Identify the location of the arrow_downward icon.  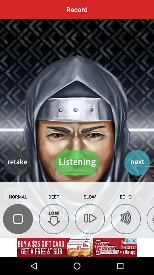
(54, 234).